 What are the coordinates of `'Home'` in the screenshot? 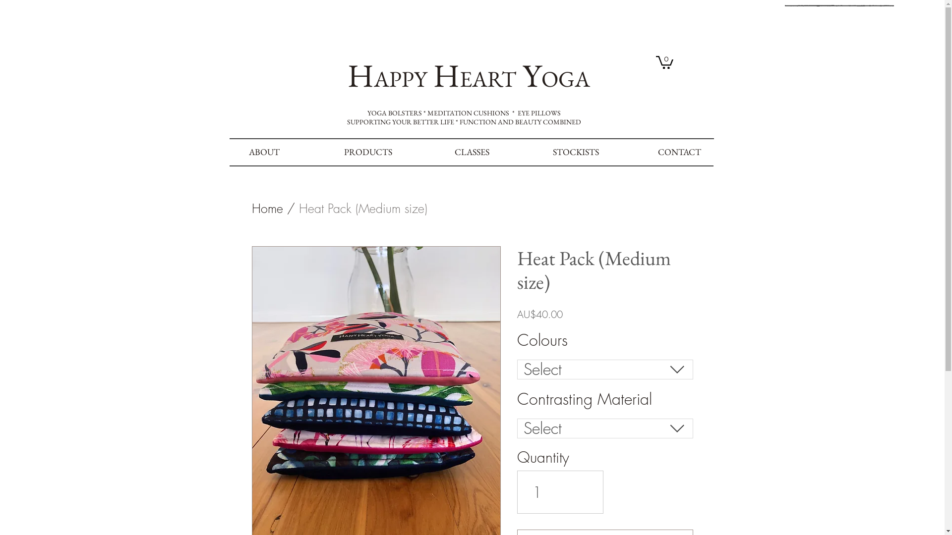 It's located at (267, 208).